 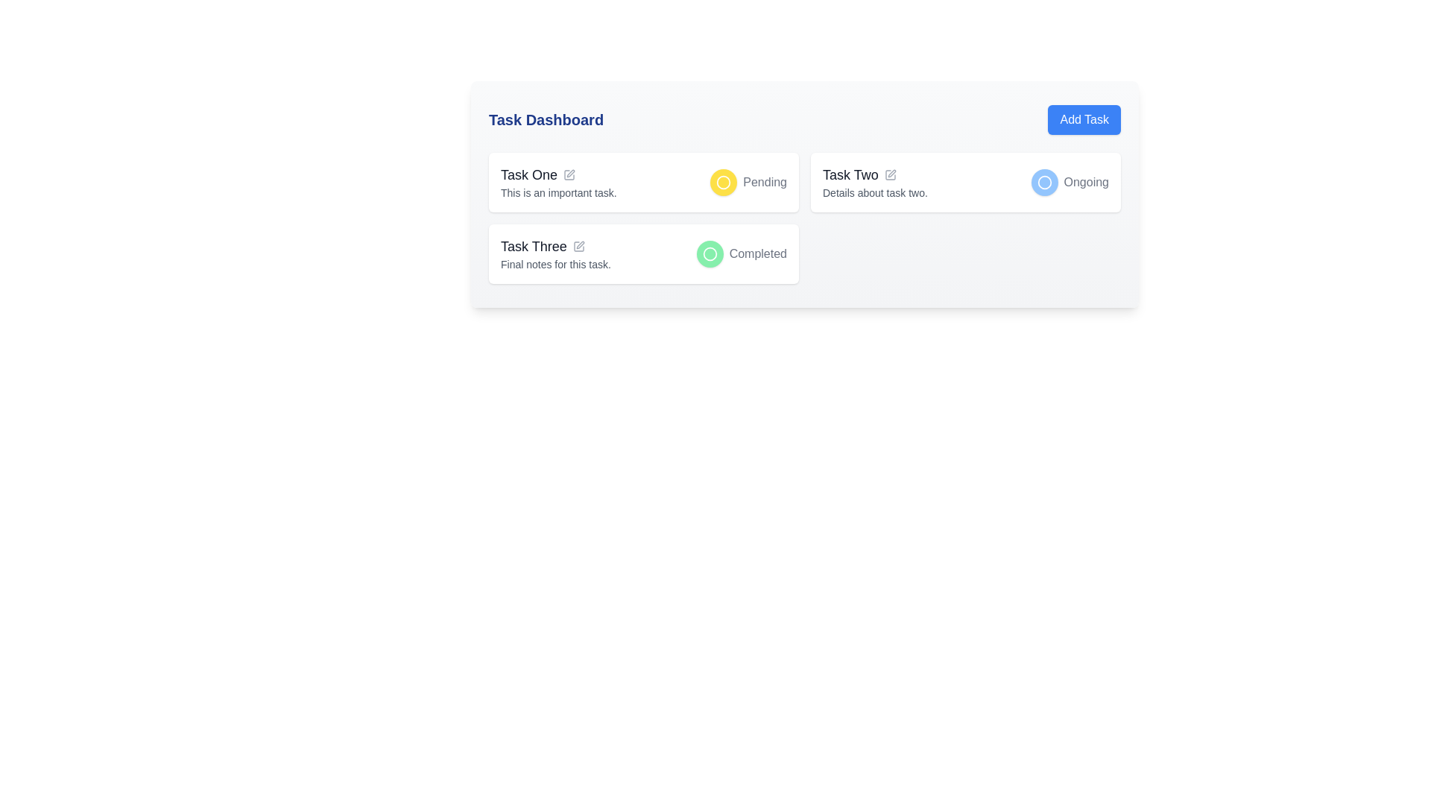 I want to click on the composite UI component labeled 'Task One', which includes a pencil-shaped icon for editing, to read the description for more task details, so click(x=557, y=182).